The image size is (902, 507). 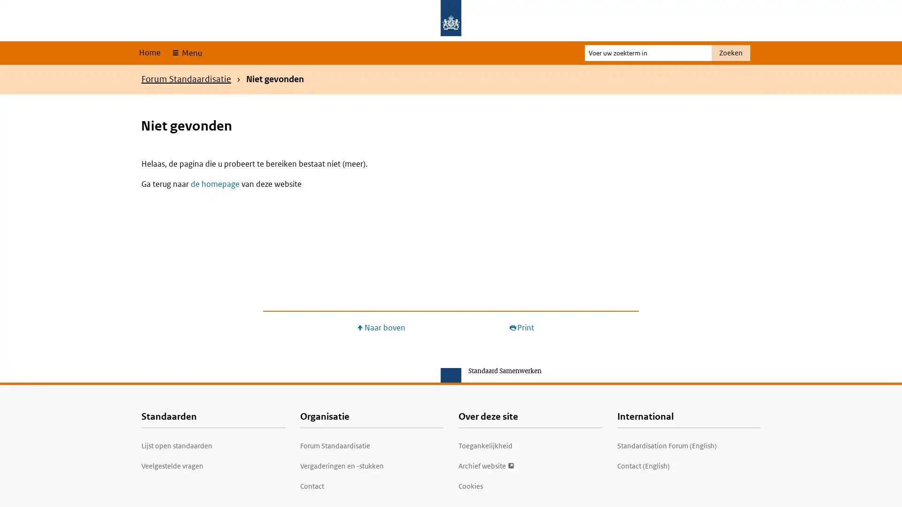 What do you see at coordinates (186, 53) in the screenshot?
I see `Toggle main menu navigation` at bounding box center [186, 53].